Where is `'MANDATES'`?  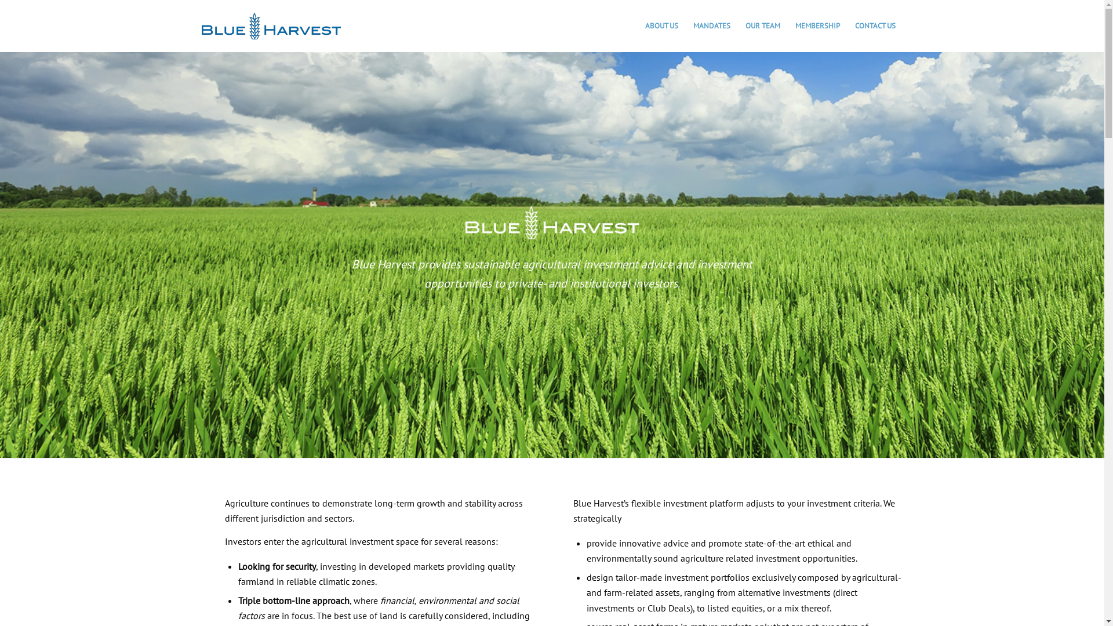
'MANDATES' is located at coordinates (711, 26).